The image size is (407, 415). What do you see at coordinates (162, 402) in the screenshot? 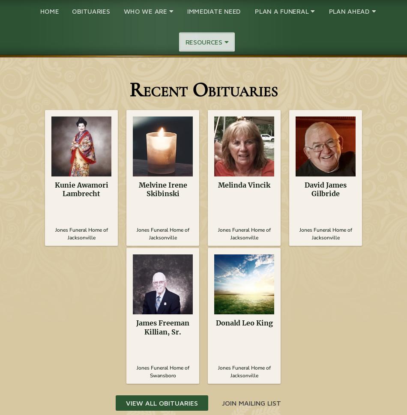
I see `'View All Obituaries'` at bounding box center [162, 402].